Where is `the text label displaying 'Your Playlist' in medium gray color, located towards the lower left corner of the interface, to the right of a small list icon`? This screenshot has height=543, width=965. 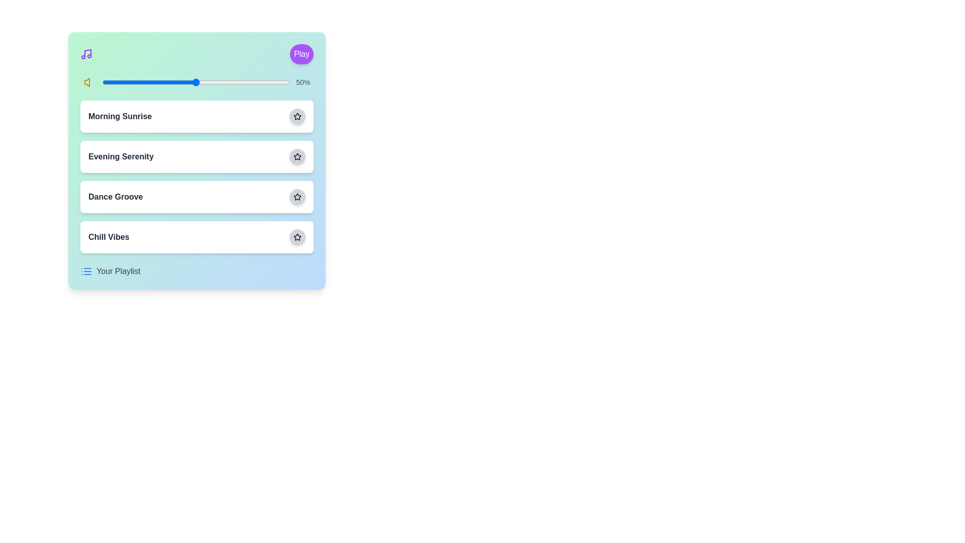
the text label displaying 'Your Playlist' in medium gray color, located towards the lower left corner of the interface, to the right of a small list icon is located at coordinates (118, 271).